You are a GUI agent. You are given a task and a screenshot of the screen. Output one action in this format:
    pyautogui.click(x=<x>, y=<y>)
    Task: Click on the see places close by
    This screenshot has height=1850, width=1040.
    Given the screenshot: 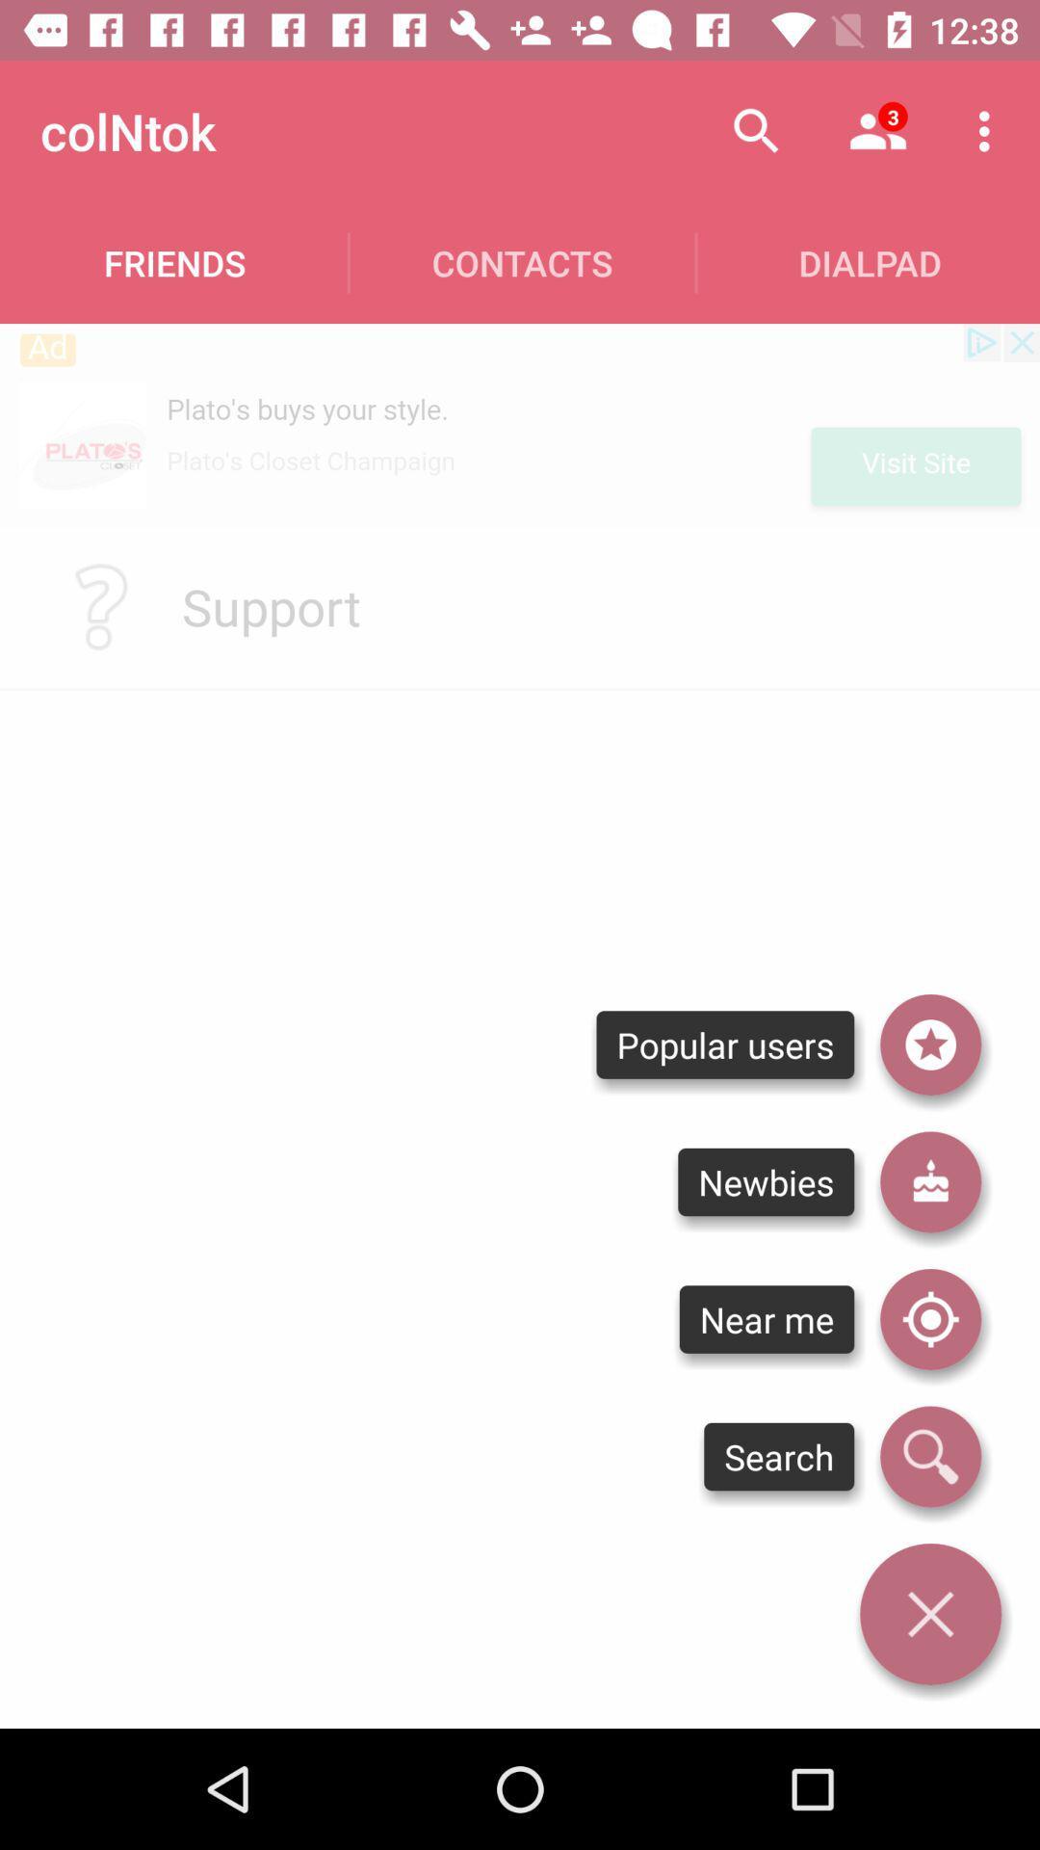 What is the action you would take?
    pyautogui.click(x=929, y=1318)
    